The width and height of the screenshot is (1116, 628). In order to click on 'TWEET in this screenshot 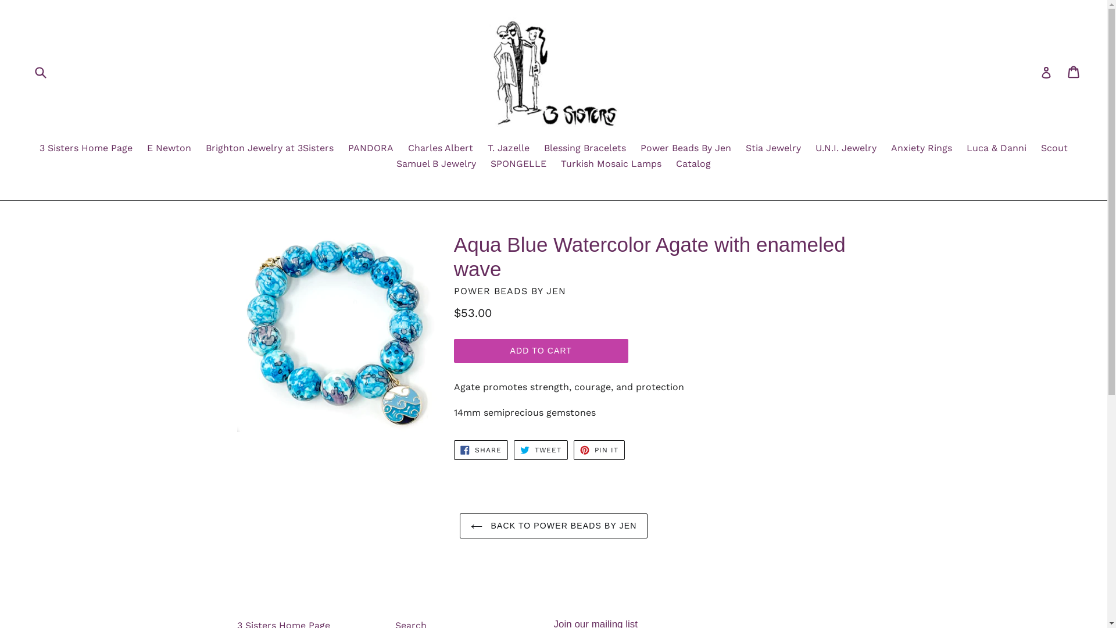, I will do `click(541, 449)`.